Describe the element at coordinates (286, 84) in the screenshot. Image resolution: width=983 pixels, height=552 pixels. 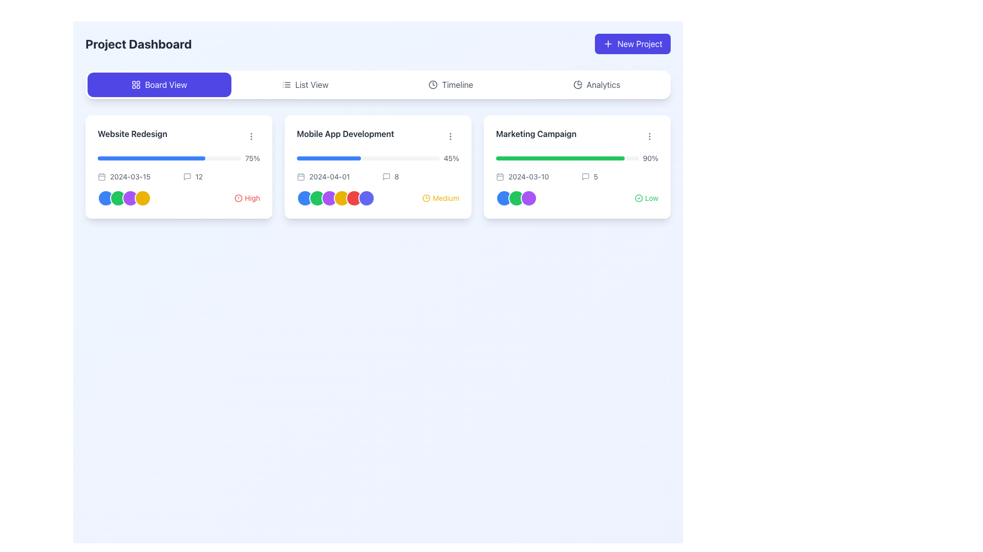
I see `the 'List View' button, which is the second icon from the left in the horizontal navigation menu at the top-center of the interface` at that location.